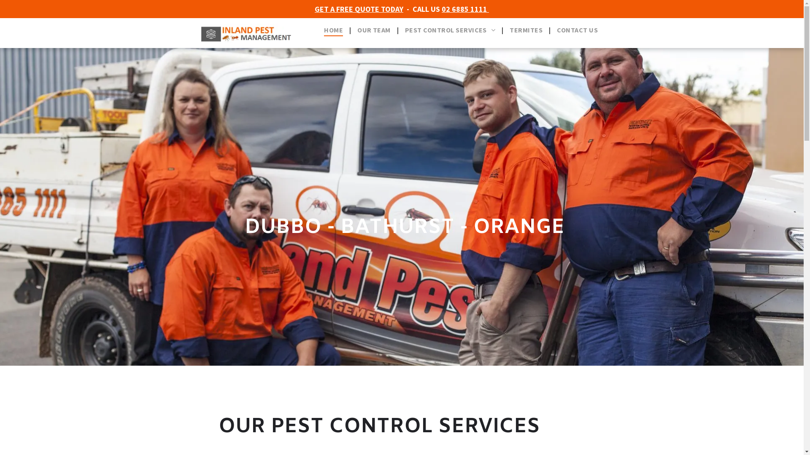  Describe the element at coordinates (465, 9) in the screenshot. I see `'02 6885 1111 '` at that location.